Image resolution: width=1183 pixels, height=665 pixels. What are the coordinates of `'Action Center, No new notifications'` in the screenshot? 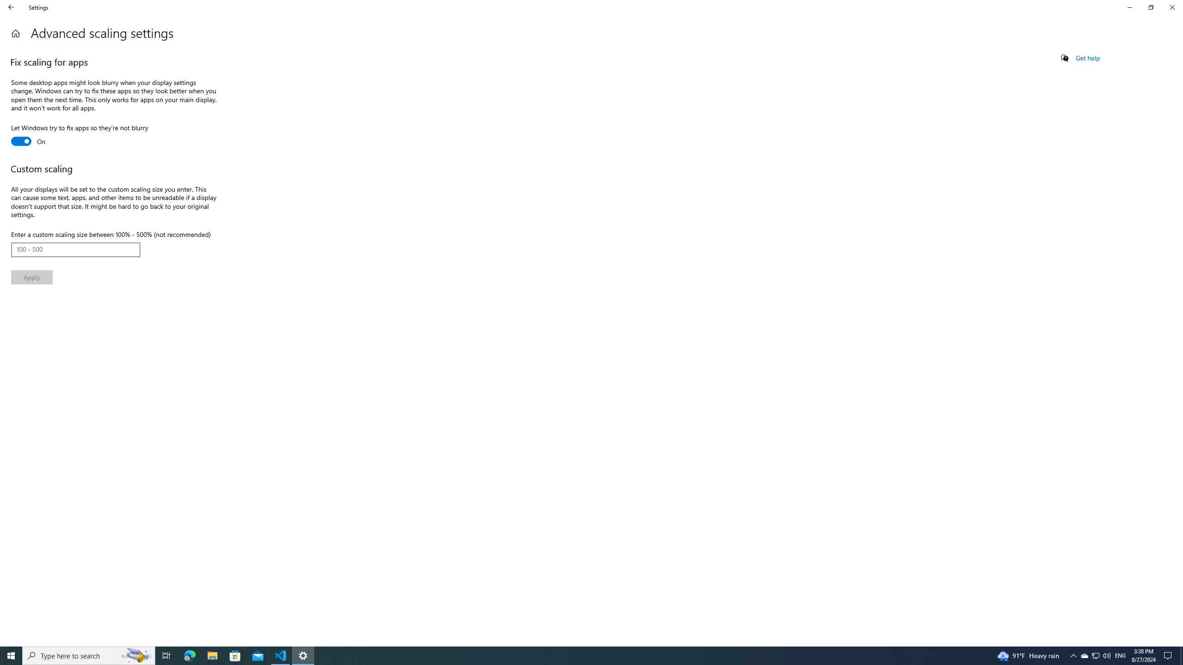 It's located at (1169, 655).